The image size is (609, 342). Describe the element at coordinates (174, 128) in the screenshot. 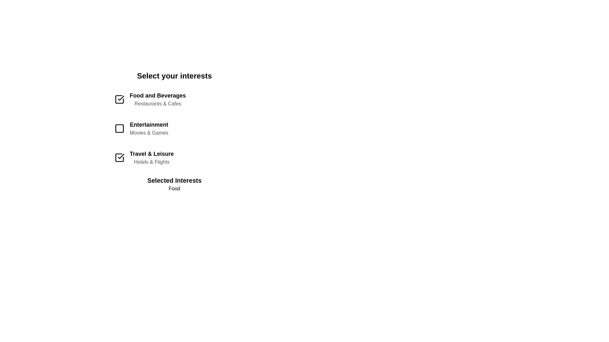

I see `the item Entertainment` at that location.